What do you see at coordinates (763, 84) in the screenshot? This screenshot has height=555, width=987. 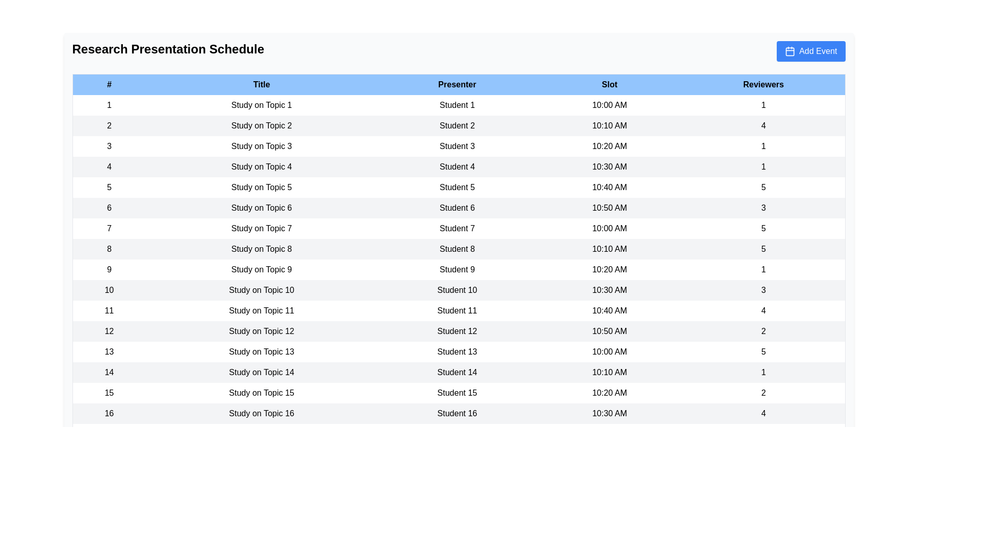 I see `the column header Reviewers to sort the table by that column` at bounding box center [763, 84].